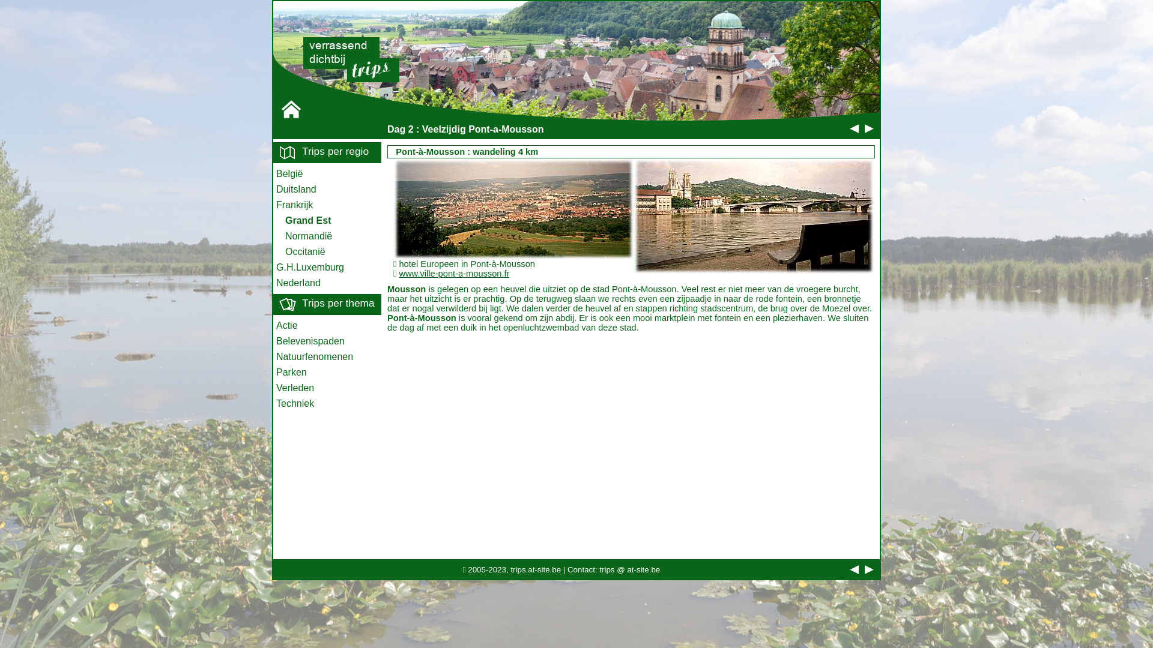  What do you see at coordinates (872, 128) in the screenshot?
I see `'volgende dag'` at bounding box center [872, 128].